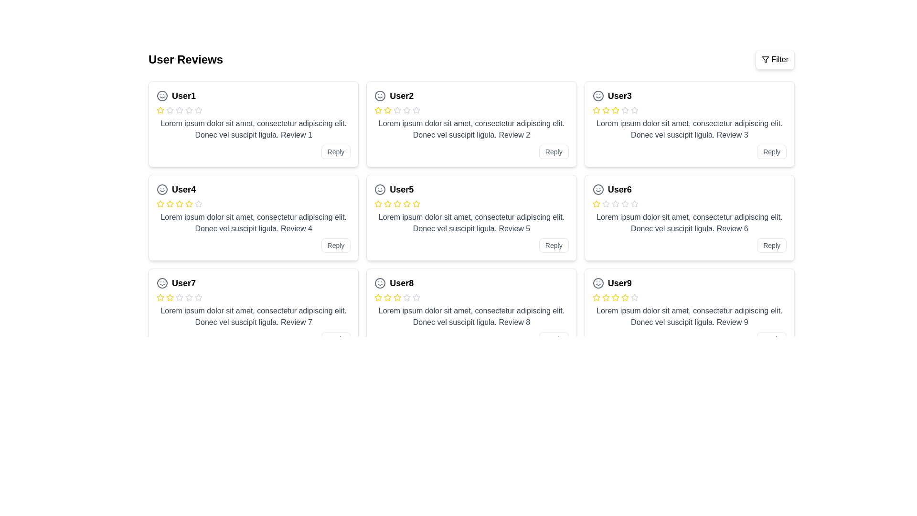 Image resolution: width=917 pixels, height=516 pixels. I want to click on the second star icon for rating in the five-star rating system for 'User7' located in the bottom-left card, so click(179, 297).